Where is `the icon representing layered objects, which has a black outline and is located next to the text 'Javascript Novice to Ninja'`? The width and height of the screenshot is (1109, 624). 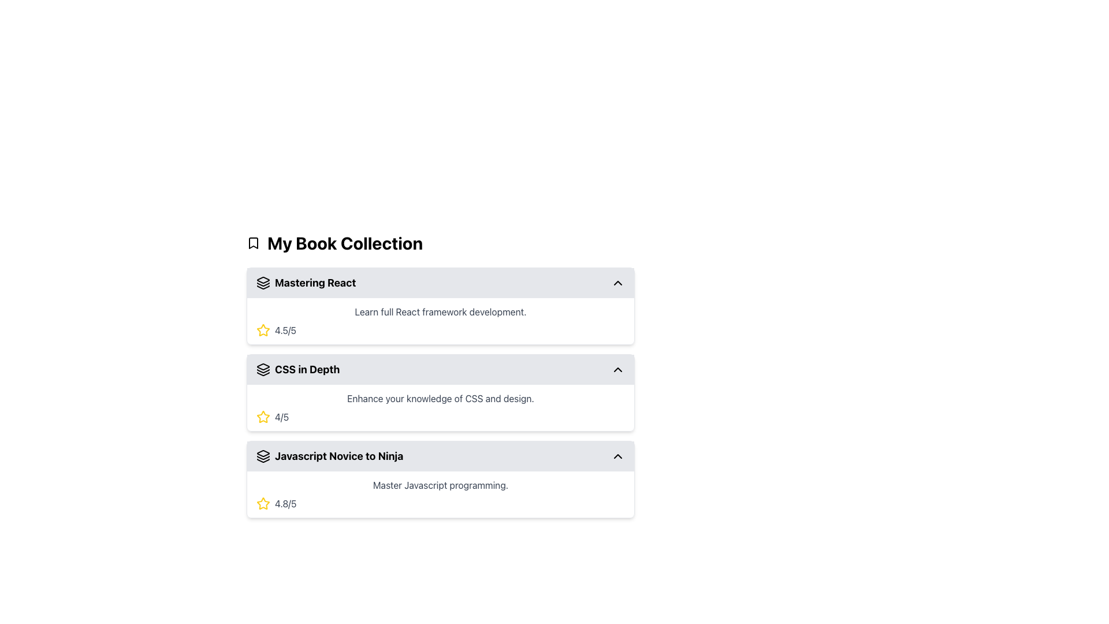
the icon representing layered objects, which has a black outline and is located next to the text 'Javascript Novice to Ninja' is located at coordinates (263, 456).